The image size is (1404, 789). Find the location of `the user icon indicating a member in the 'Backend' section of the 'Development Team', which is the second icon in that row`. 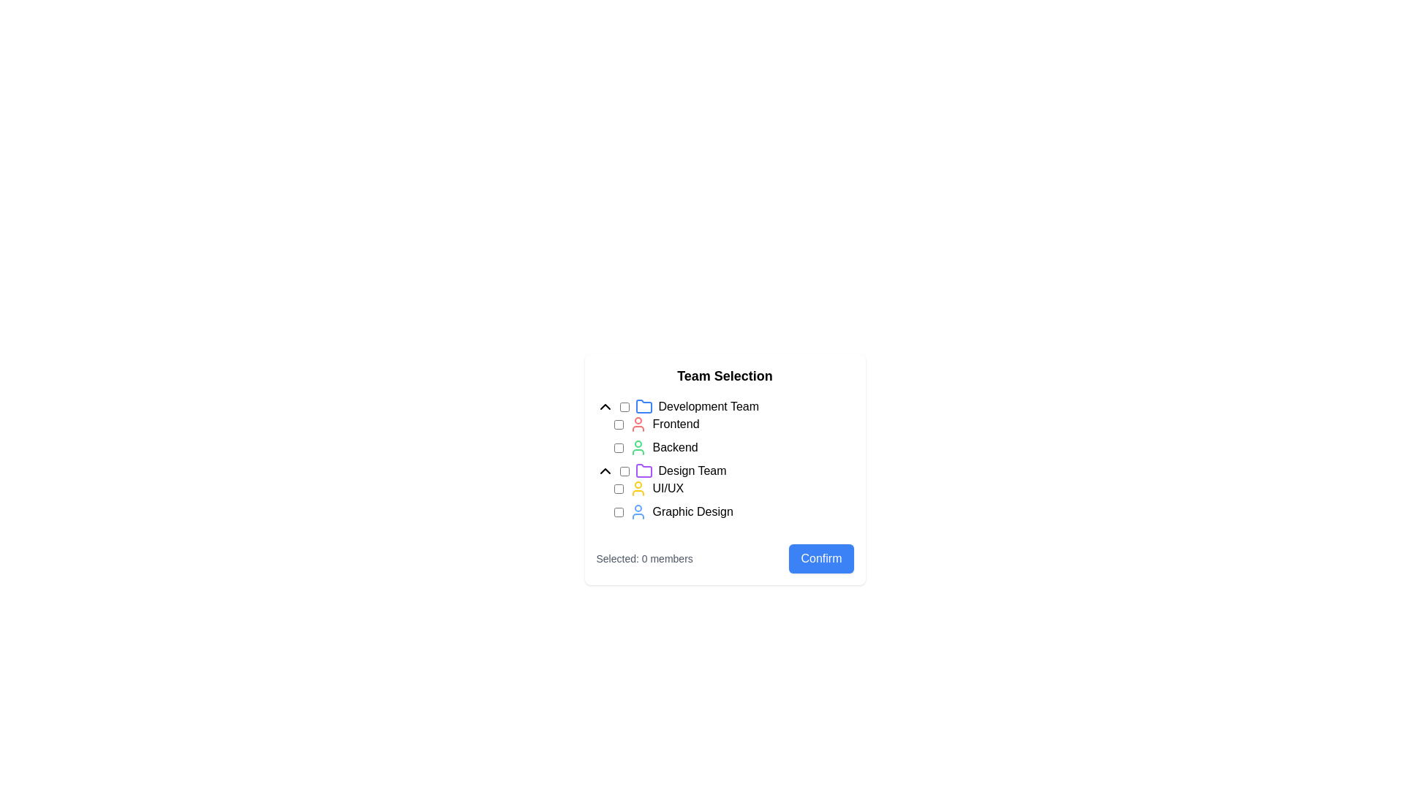

the user icon indicating a member in the 'Backend' section of the 'Development Team', which is the second icon in that row is located at coordinates (638, 447).